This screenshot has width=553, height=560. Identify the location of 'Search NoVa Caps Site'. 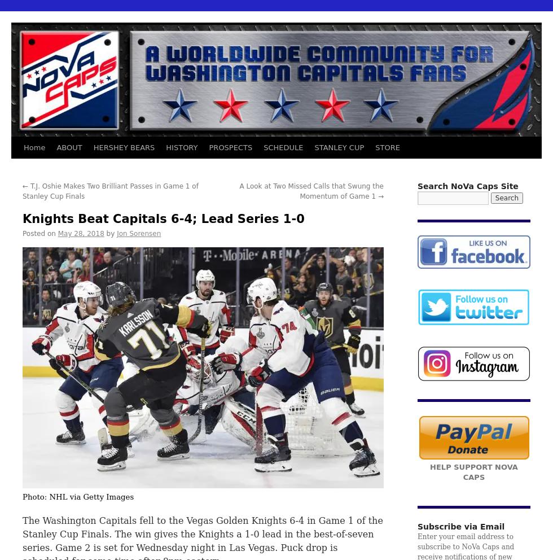
(417, 186).